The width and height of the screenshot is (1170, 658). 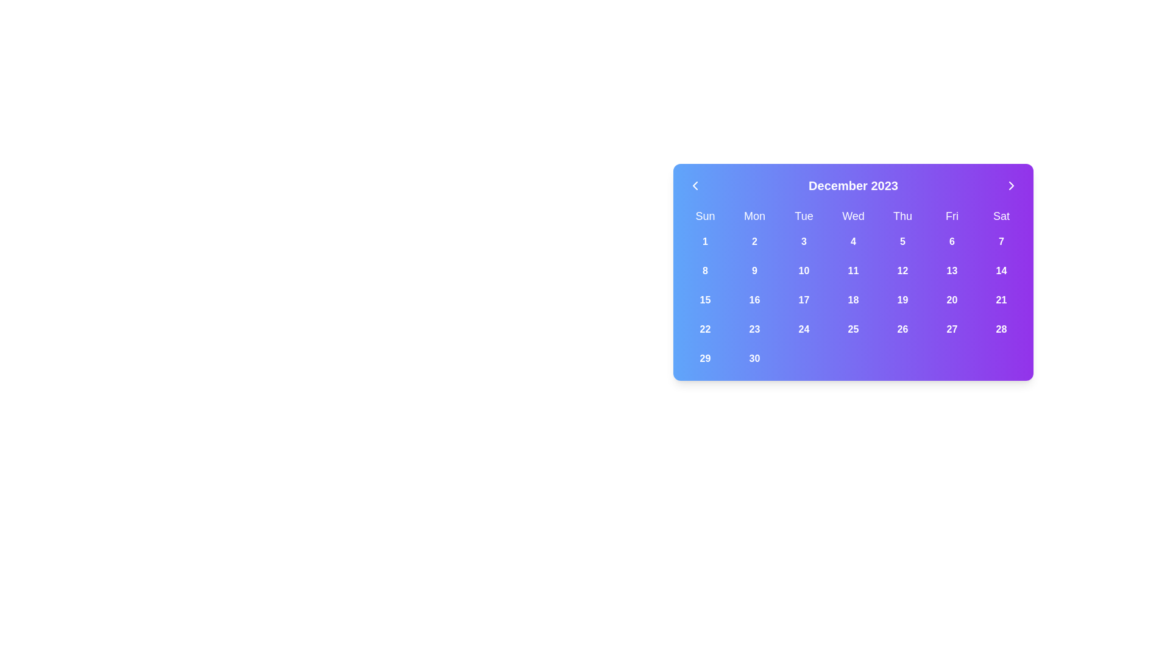 I want to click on the button representing the selectable day in the calendar grid located under the 'Tue' label, so click(x=804, y=242).